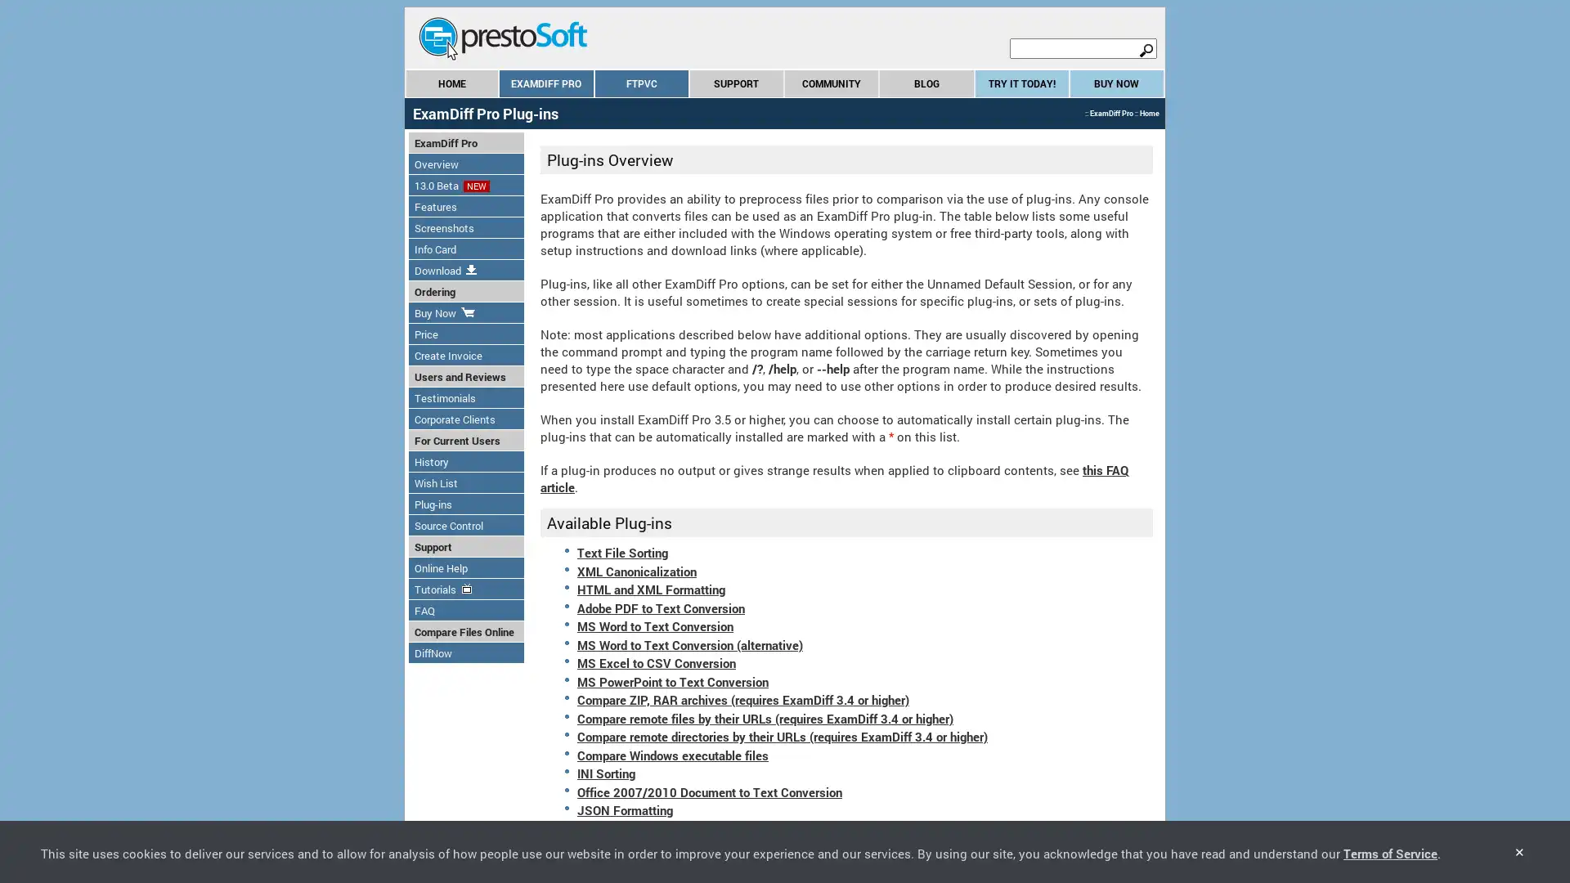 The height and width of the screenshot is (883, 1570). What do you see at coordinates (1145, 49) in the screenshot?
I see `search` at bounding box center [1145, 49].